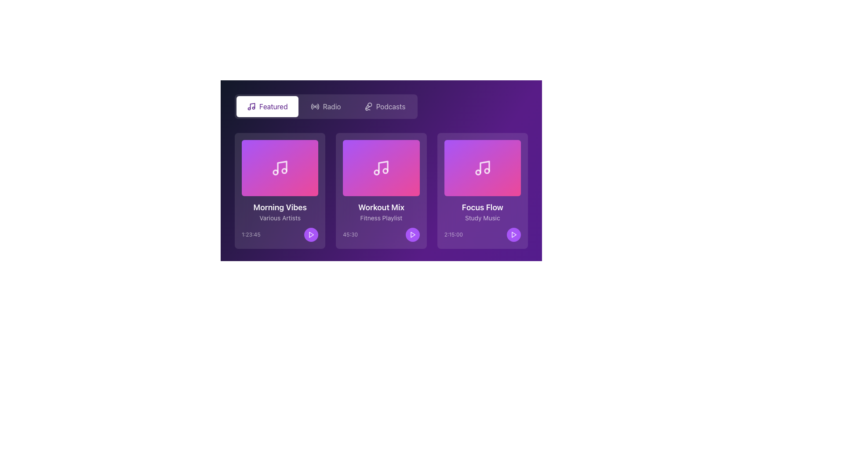 The image size is (844, 474). I want to click on the music note icon located in the central card titled 'Workout Mix' representing audio or music-related content, so click(381, 168).